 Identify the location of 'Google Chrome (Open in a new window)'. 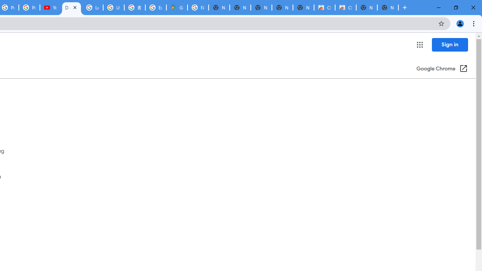
(442, 69).